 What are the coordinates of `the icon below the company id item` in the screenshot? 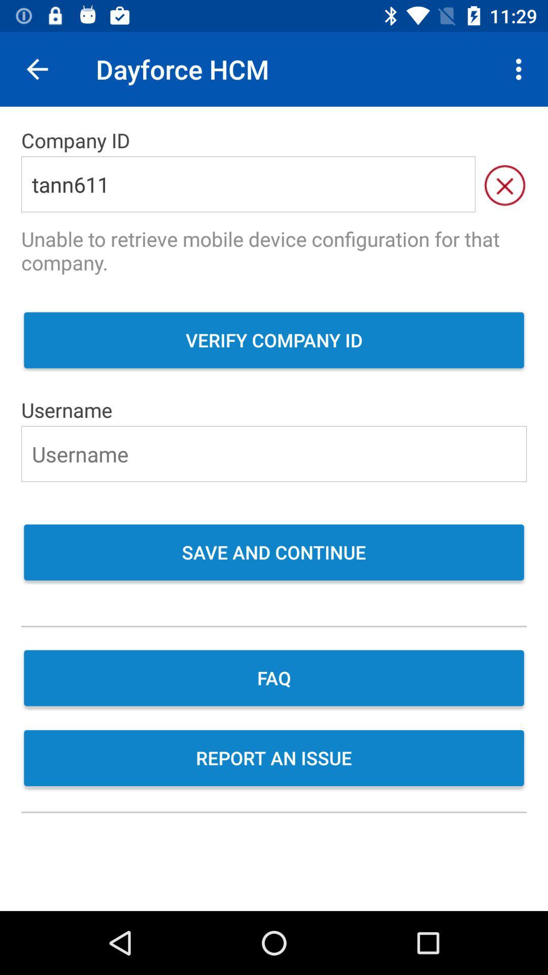 It's located at (504, 184).